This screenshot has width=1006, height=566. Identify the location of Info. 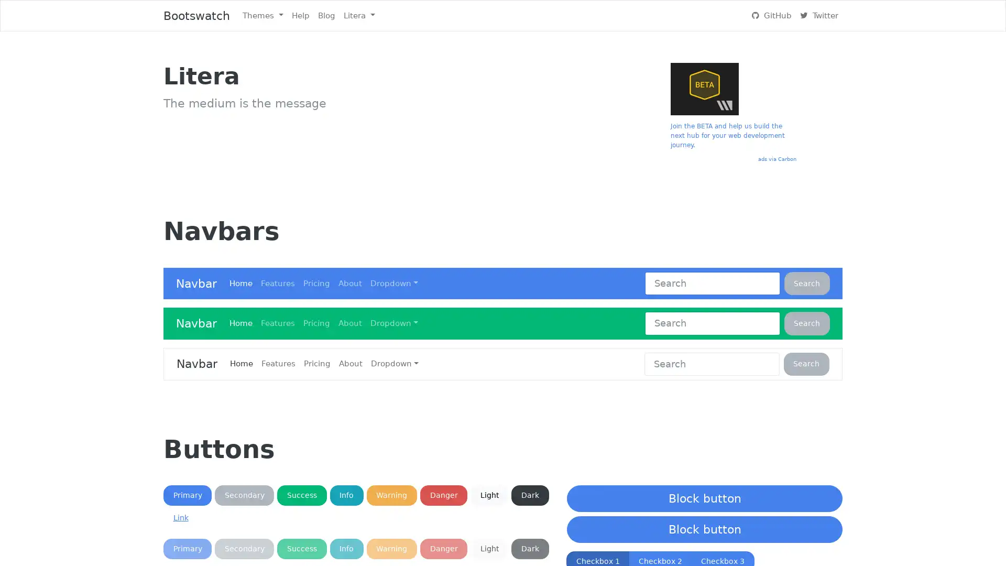
(346, 495).